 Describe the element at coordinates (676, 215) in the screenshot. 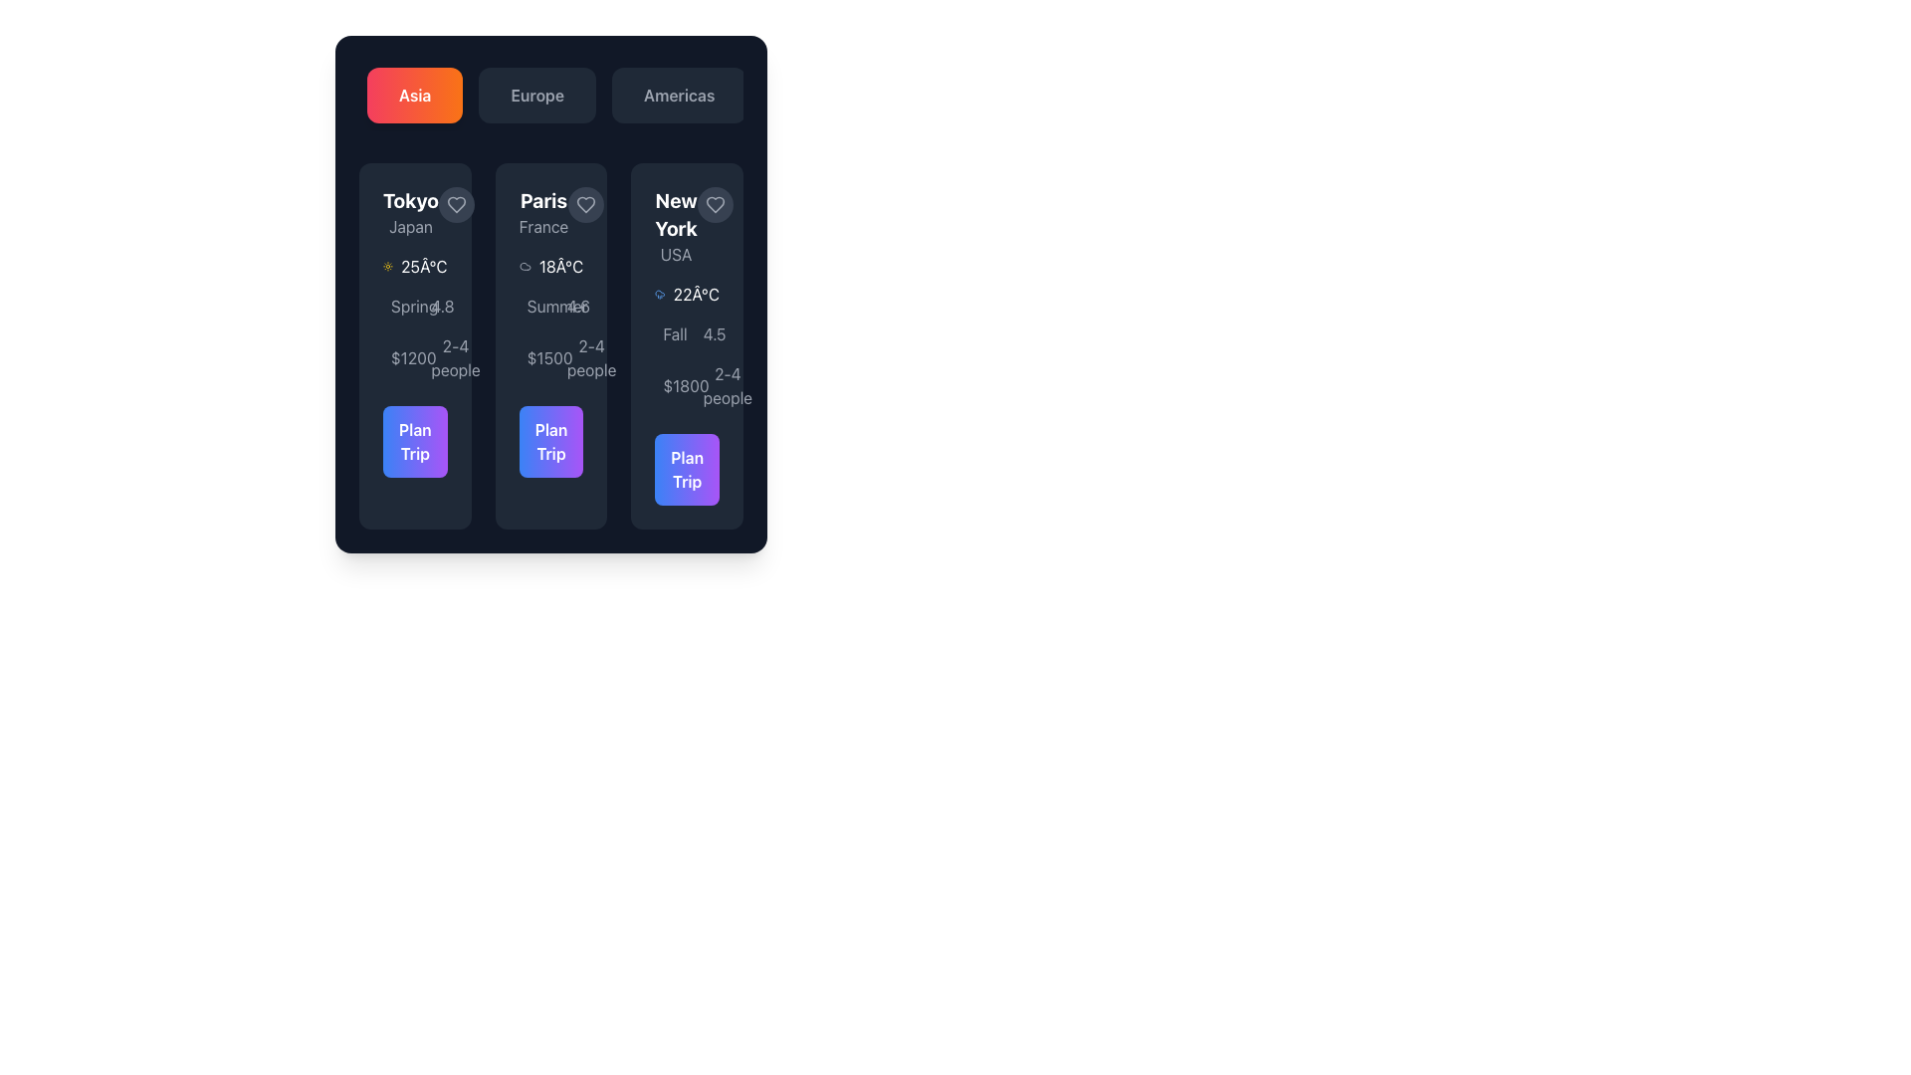

I see `text label displaying 'New York' which is prominently shown in bold white font on a dark background, located in the third column of the city travel information layout` at that location.